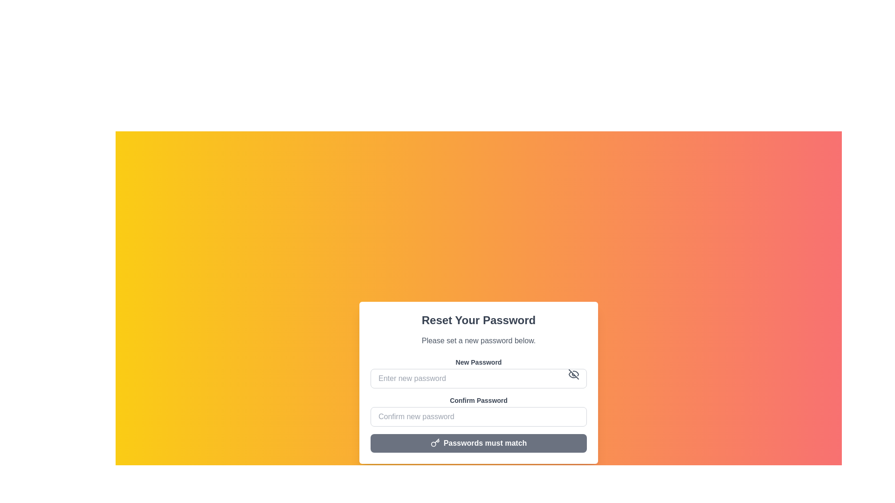 The width and height of the screenshot is (895, 503). I want to click on the key-shaped icon located to the left of the text 'Passwords must match' within a gray button at the bottom of a password reset form, so click(434, 442).